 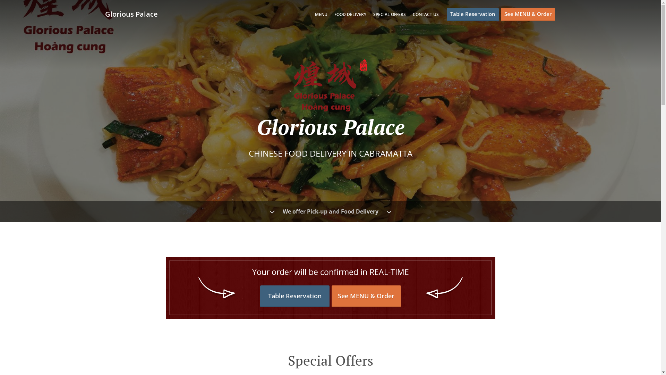 What do you see at coordinates (390, 14) in the screenshot?
I see `'SPECIAL OFFERS'` at bounding box center [390, 14].